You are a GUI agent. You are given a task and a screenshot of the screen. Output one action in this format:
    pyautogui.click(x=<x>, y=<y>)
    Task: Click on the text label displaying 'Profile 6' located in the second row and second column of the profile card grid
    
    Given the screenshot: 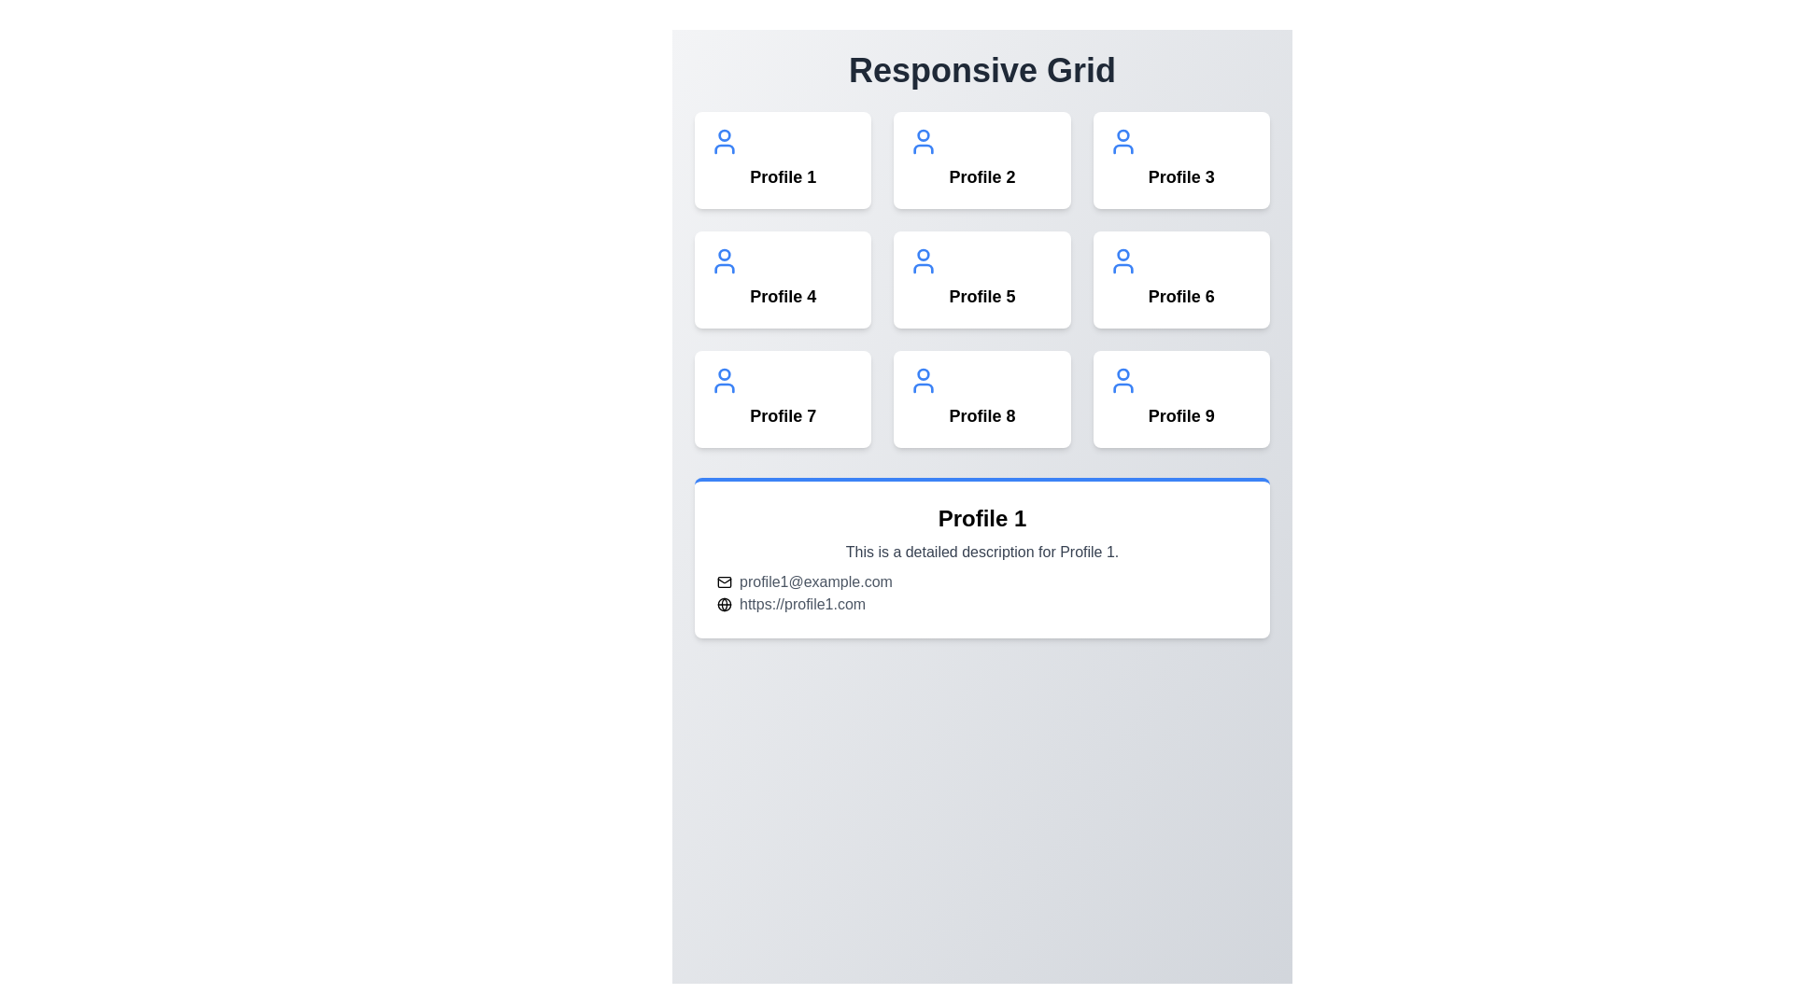 What is the action you would take?
    pyautogui.click(x=1180, y=295)
    